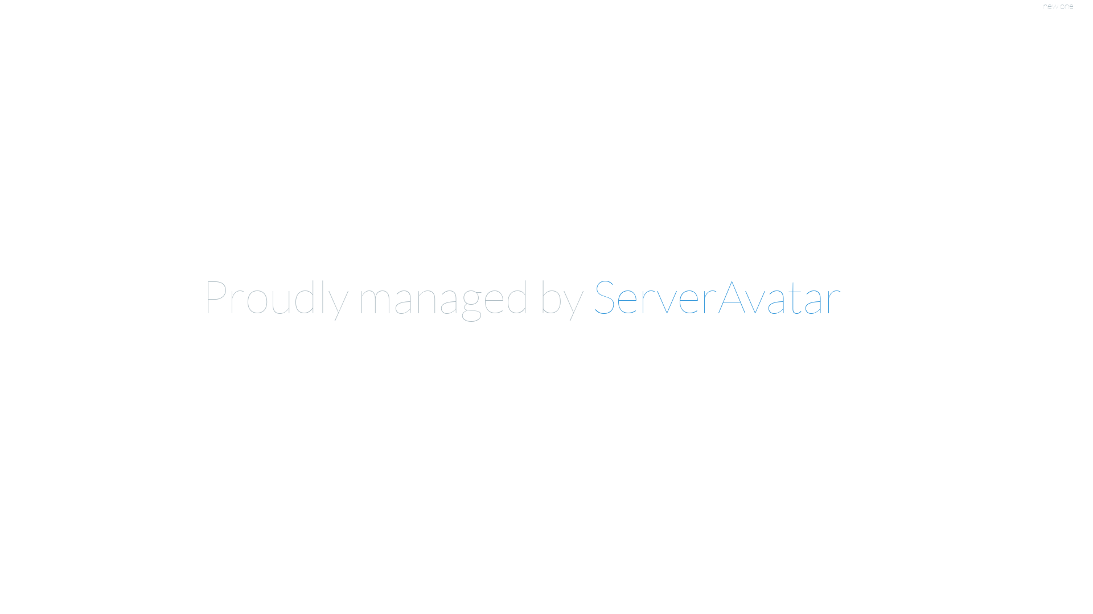  What do you see at coordinates (716, 295) in the screenshot?
I see `'ServerAvatar'` at bounding box center [716, 295].